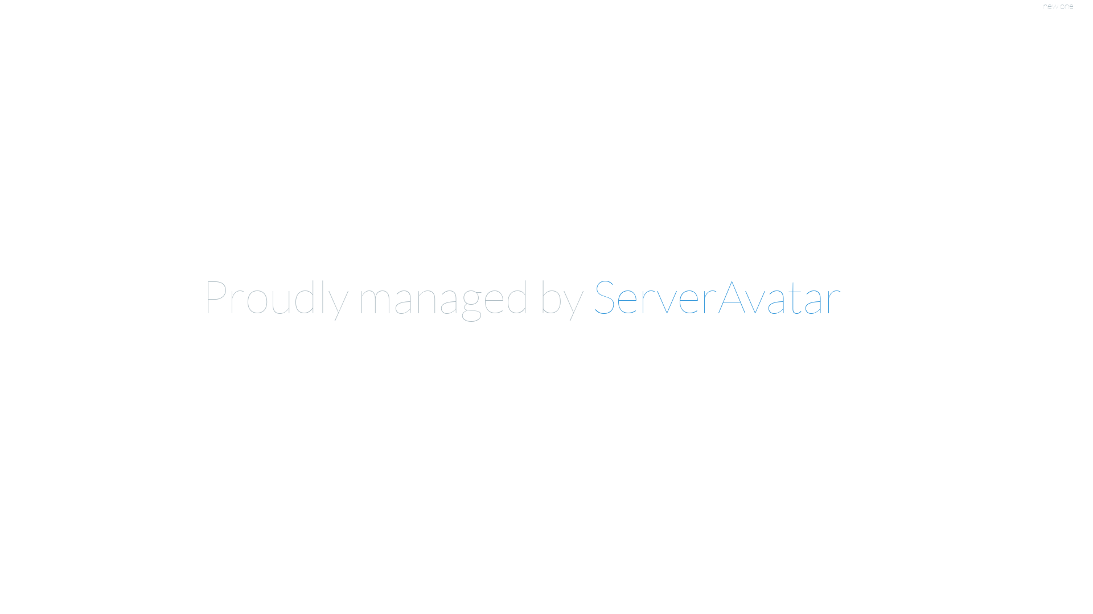  What do you see at coordinates (716, 295) in the screenshot?
I see `'ServerAvatar'` at bounding box center [716, 295].